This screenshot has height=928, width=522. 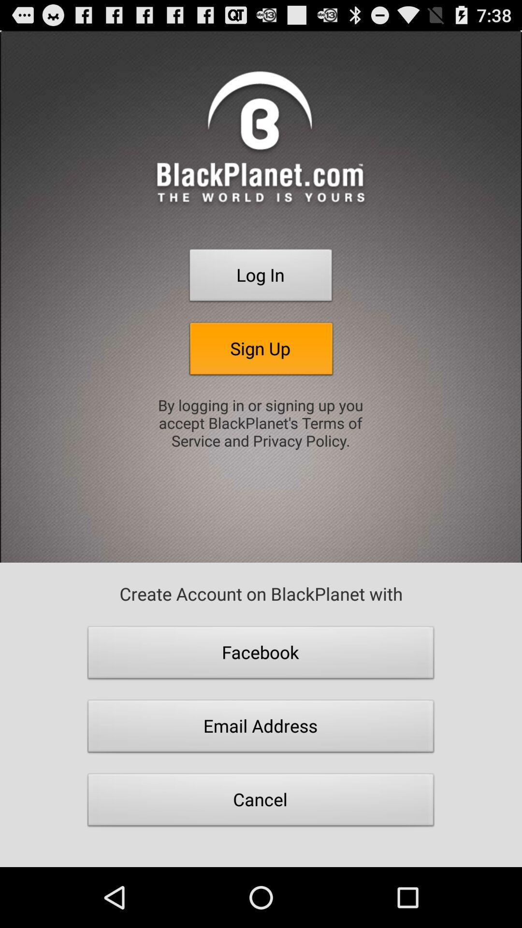 What do you see at coordinates (261, 729) in the screenshot?
I see `the icon below the facebook` at bounding box center [261, 729].